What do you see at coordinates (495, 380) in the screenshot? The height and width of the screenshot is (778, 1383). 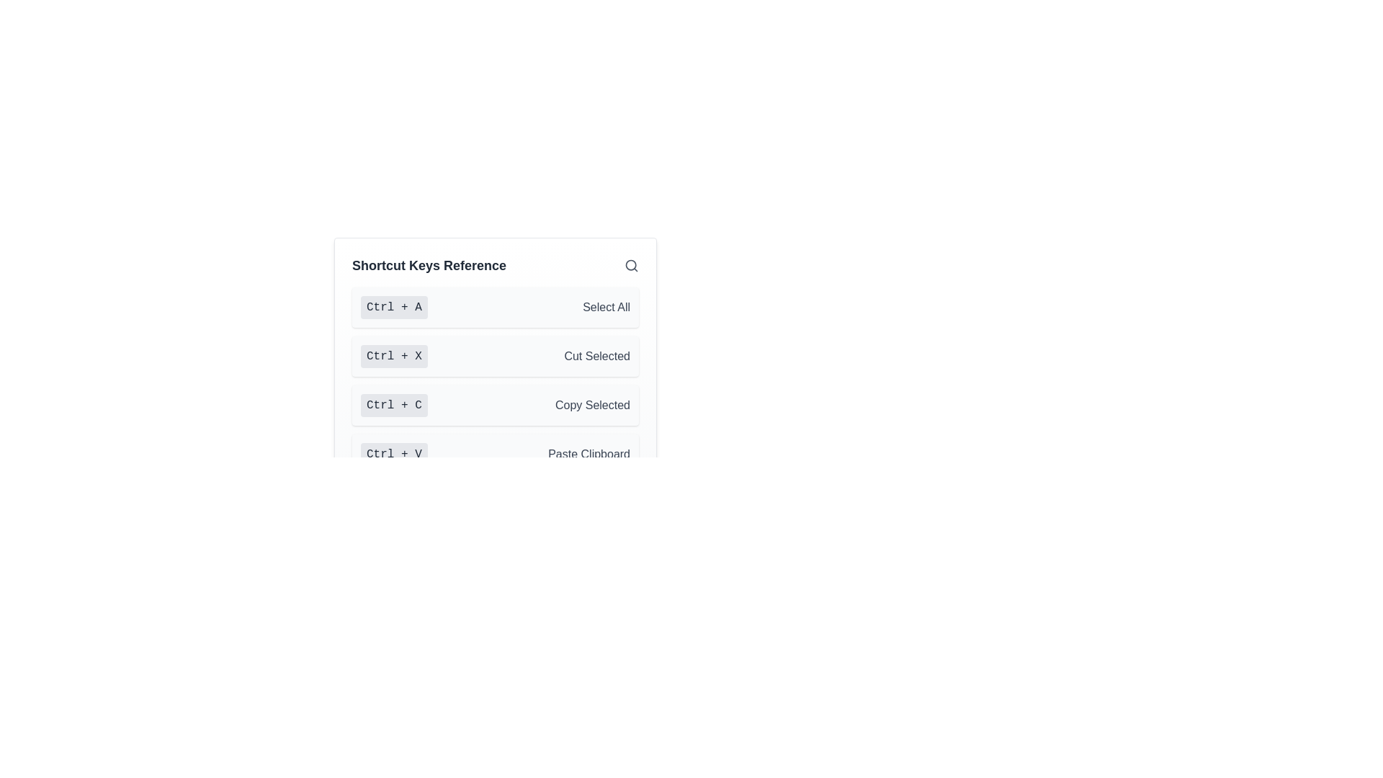 I see `the entry in the vertical list of shortcut keys that is located within the 'Shortcut Keys Reference' section, specifically the third entry which is associated with a key combination and its description` at bounding box center [495, 380].